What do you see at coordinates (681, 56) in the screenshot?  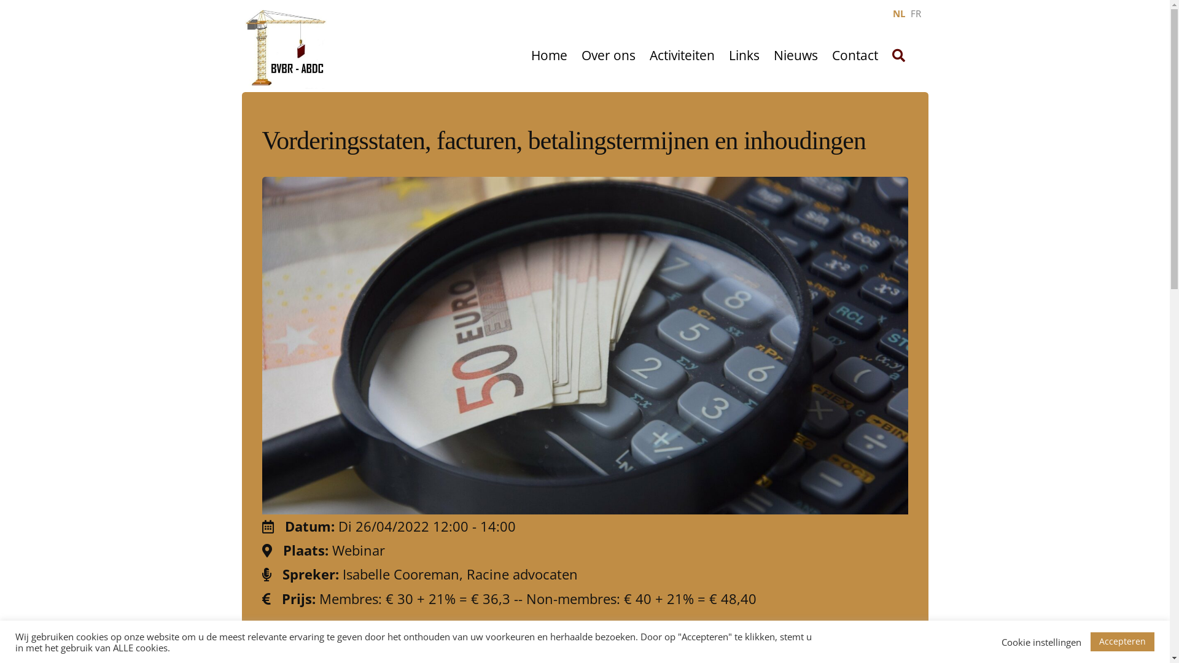 I see `'Activiteiten'` at bounding box center [681, 56].